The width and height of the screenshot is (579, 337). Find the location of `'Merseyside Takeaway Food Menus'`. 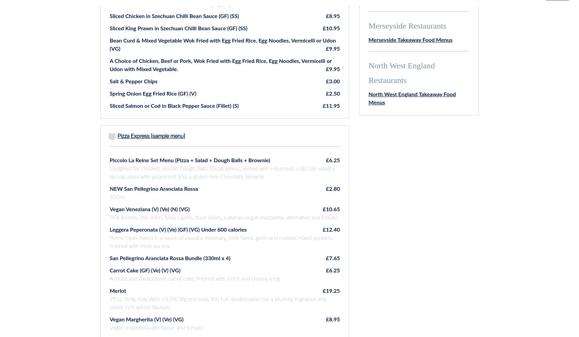

'Merseyside Takeaway Food Menus' is located at coordinates (369, 40).